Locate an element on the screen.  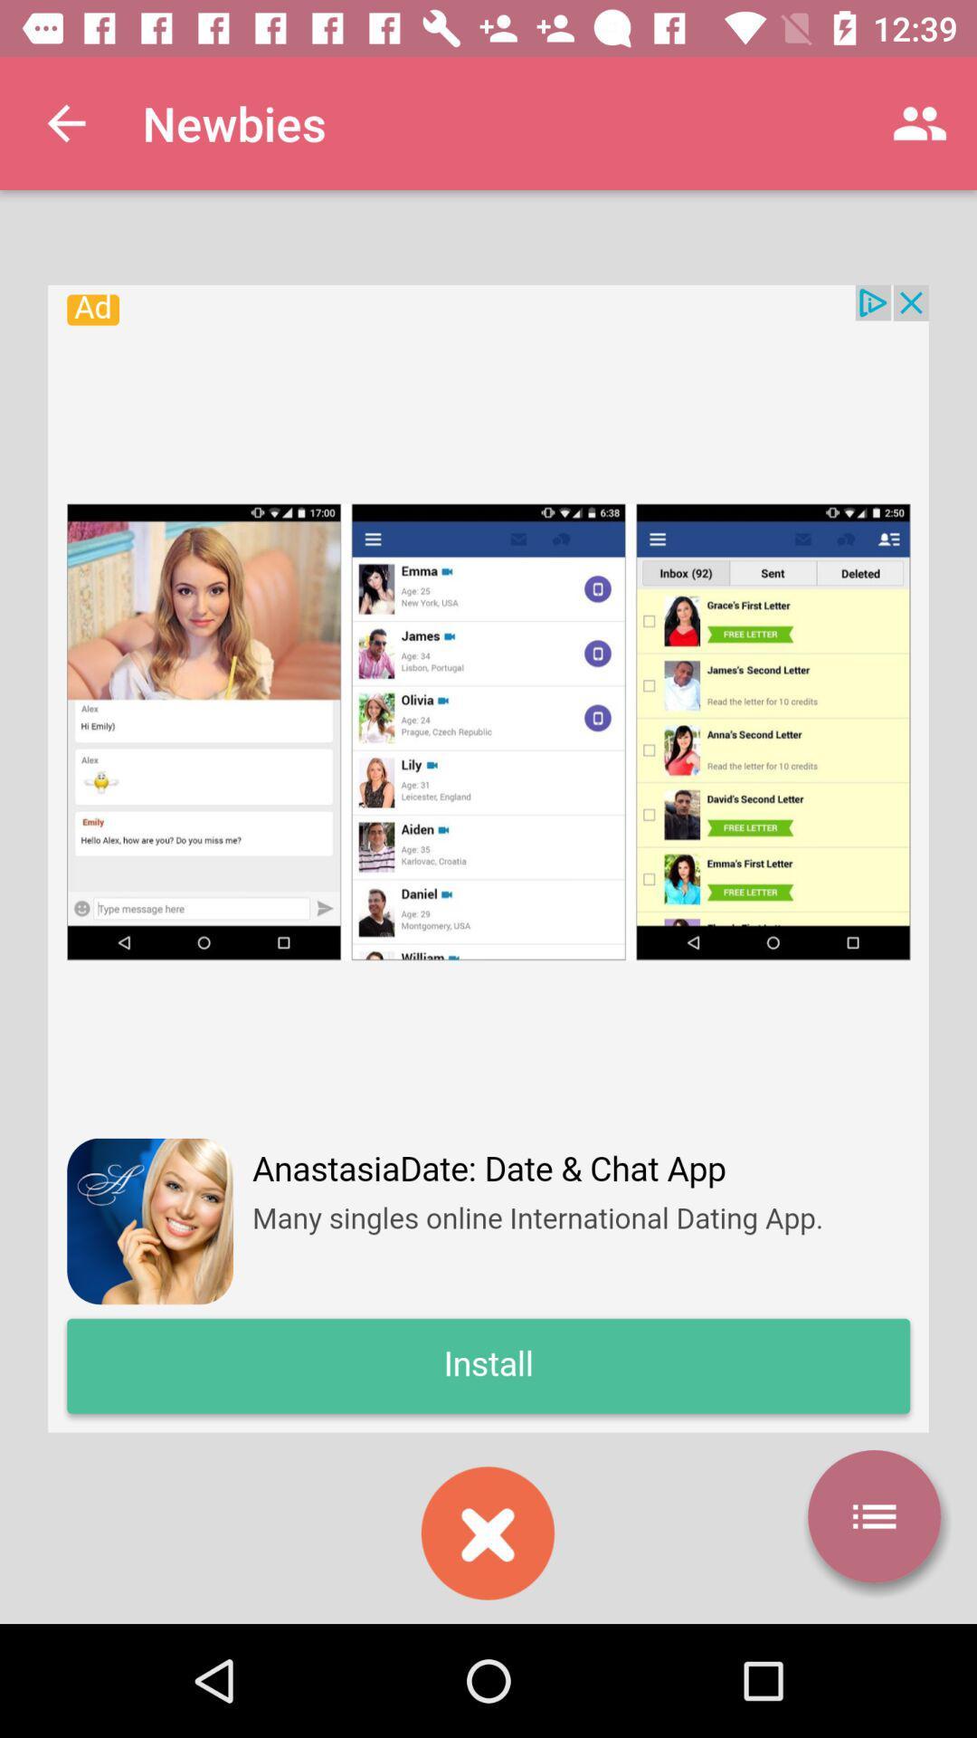
open settings tool is located at coordinates (873, 1516).